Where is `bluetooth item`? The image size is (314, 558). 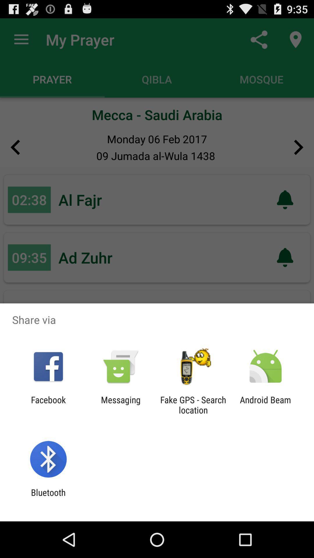
bluetooth item is located at coordinates (48, 497).